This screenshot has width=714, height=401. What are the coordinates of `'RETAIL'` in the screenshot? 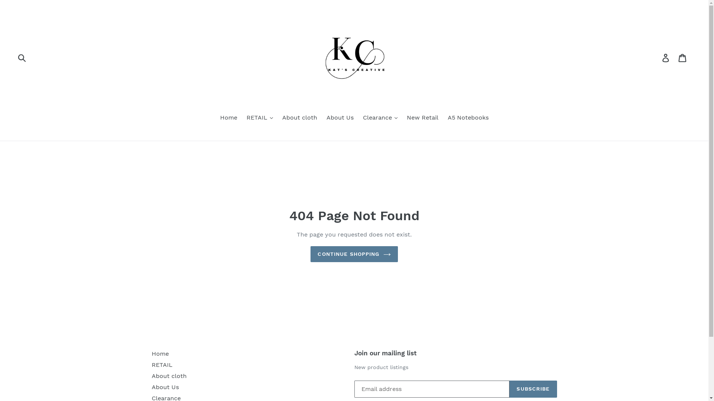 It's located at (162, 364).